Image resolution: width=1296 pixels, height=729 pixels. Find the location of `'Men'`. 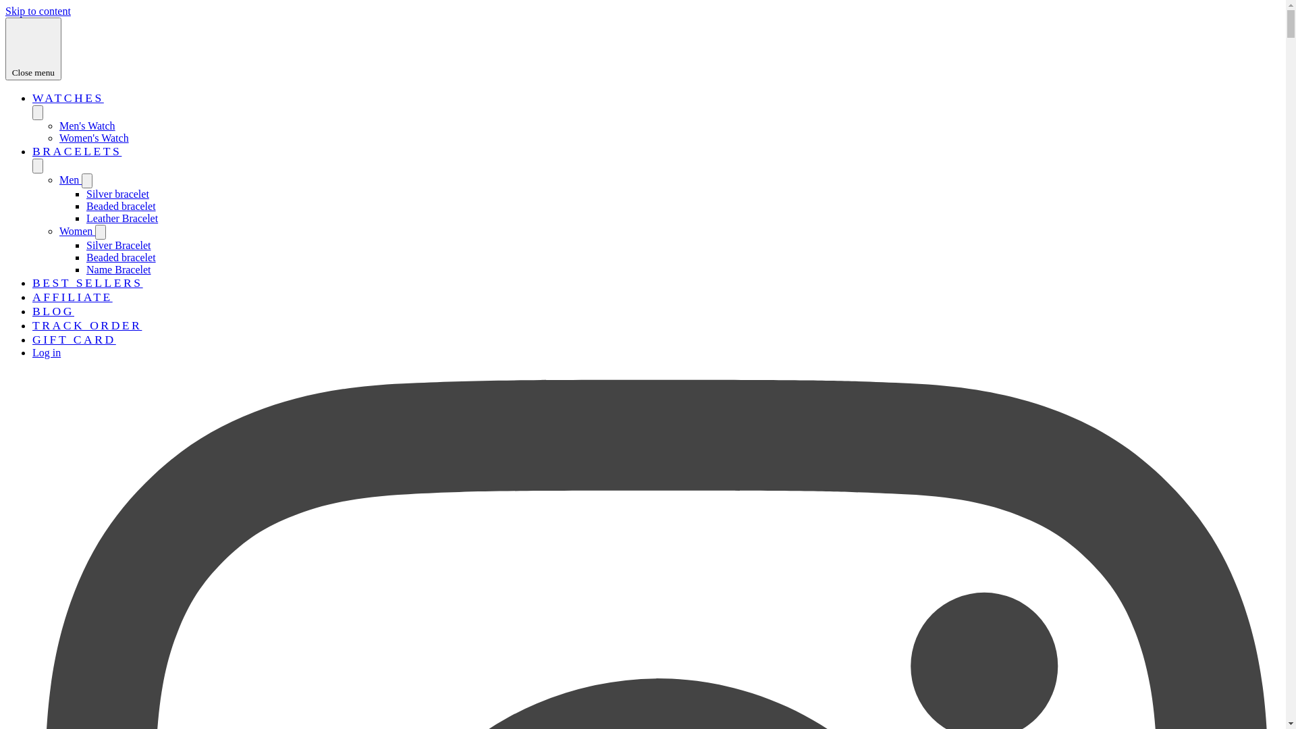

'Men' is located at coordinates (70, 179).